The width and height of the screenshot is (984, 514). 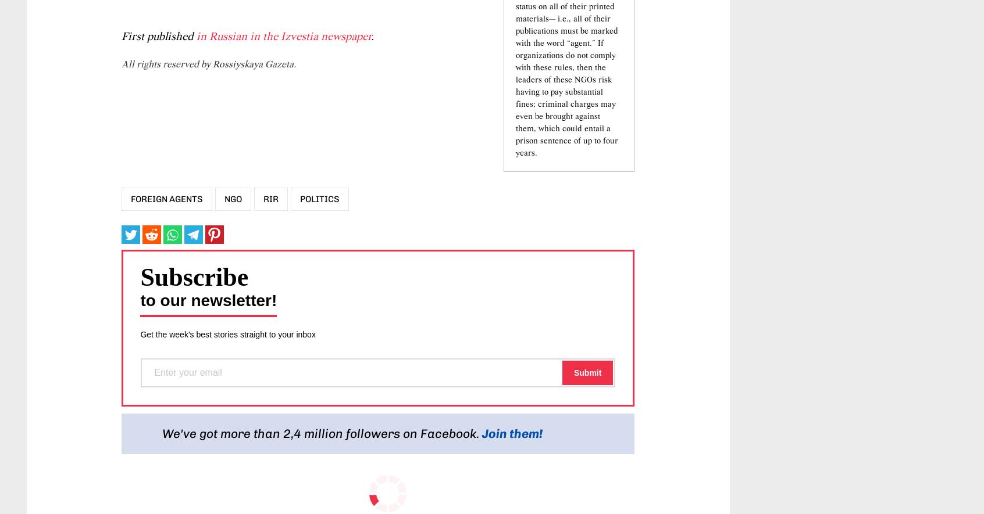 I want to click on 'Get the week's best stories straight to your inbox', so click(x=227, y=403).